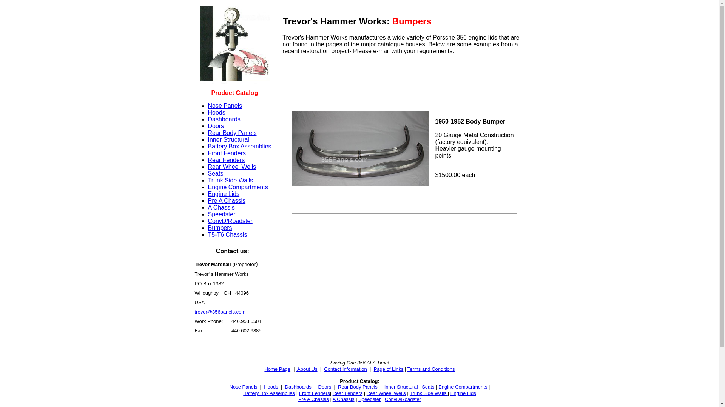 Image resolution: width=725 pixels, height=407 pixels. I want to click on 'T5-T6 Chassis', so click(227, 234).